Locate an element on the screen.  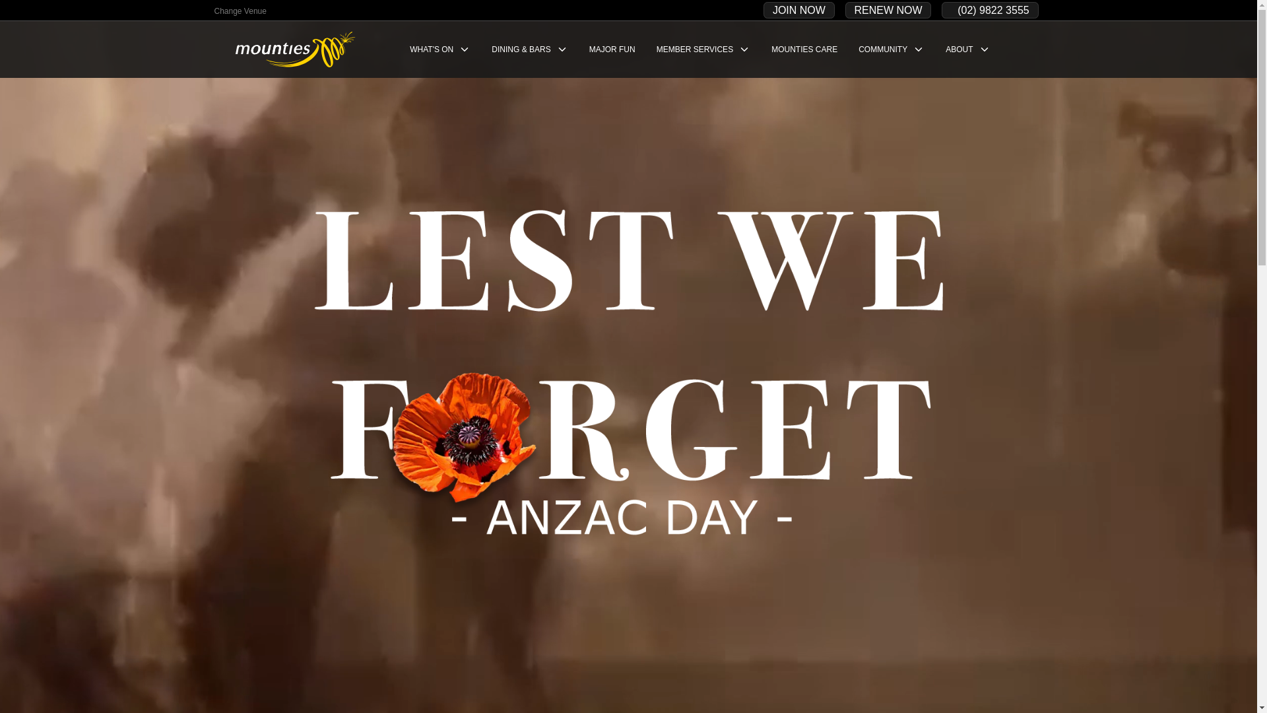
'JOIN NOW' is located at coordinates (798, 10).